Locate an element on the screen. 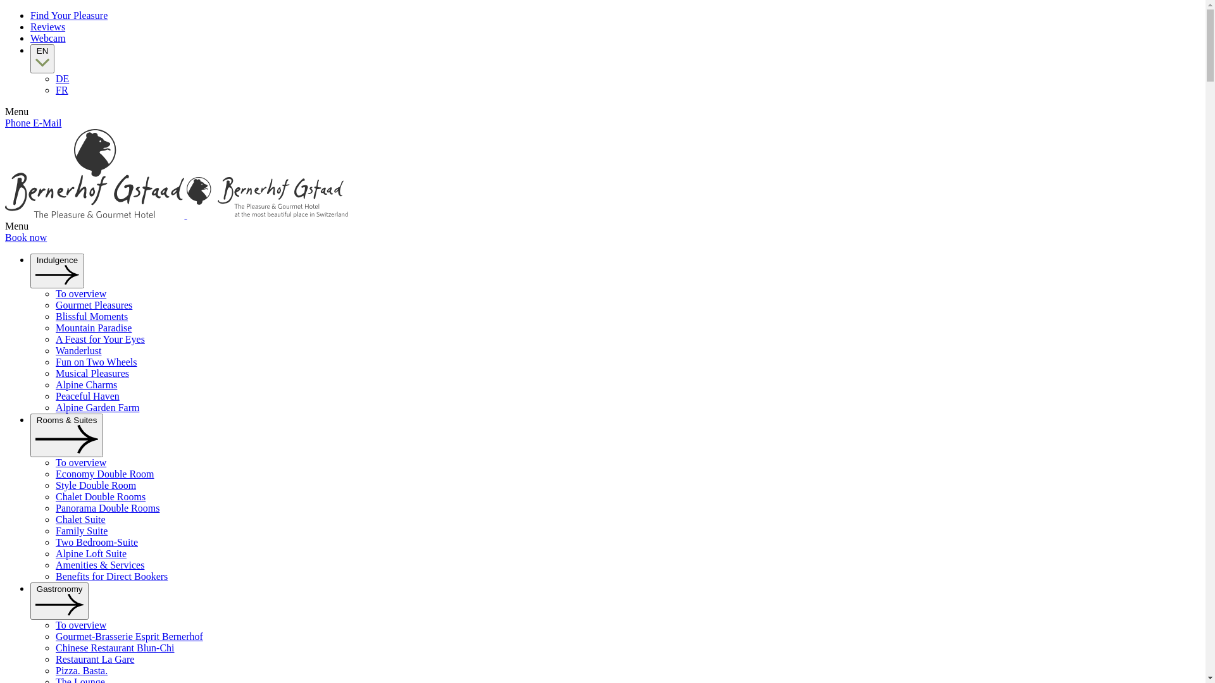 The image size is (1215, 683). 'Wanderlust' is located at coordinates (78, 350).